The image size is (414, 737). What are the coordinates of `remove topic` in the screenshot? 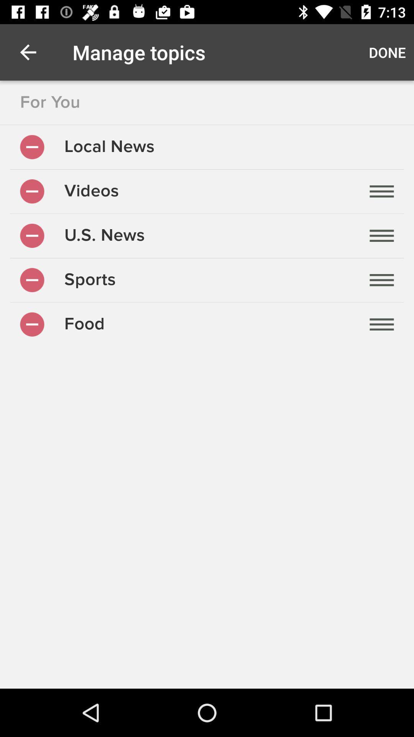 It's located at (32, 279).